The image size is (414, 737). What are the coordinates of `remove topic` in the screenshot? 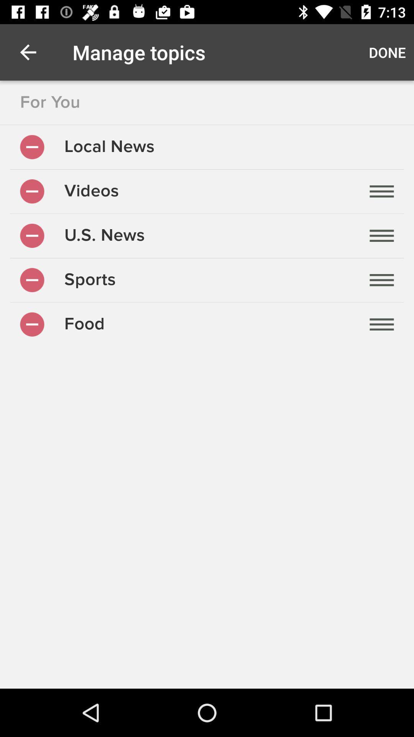 It's located at (32, 279).